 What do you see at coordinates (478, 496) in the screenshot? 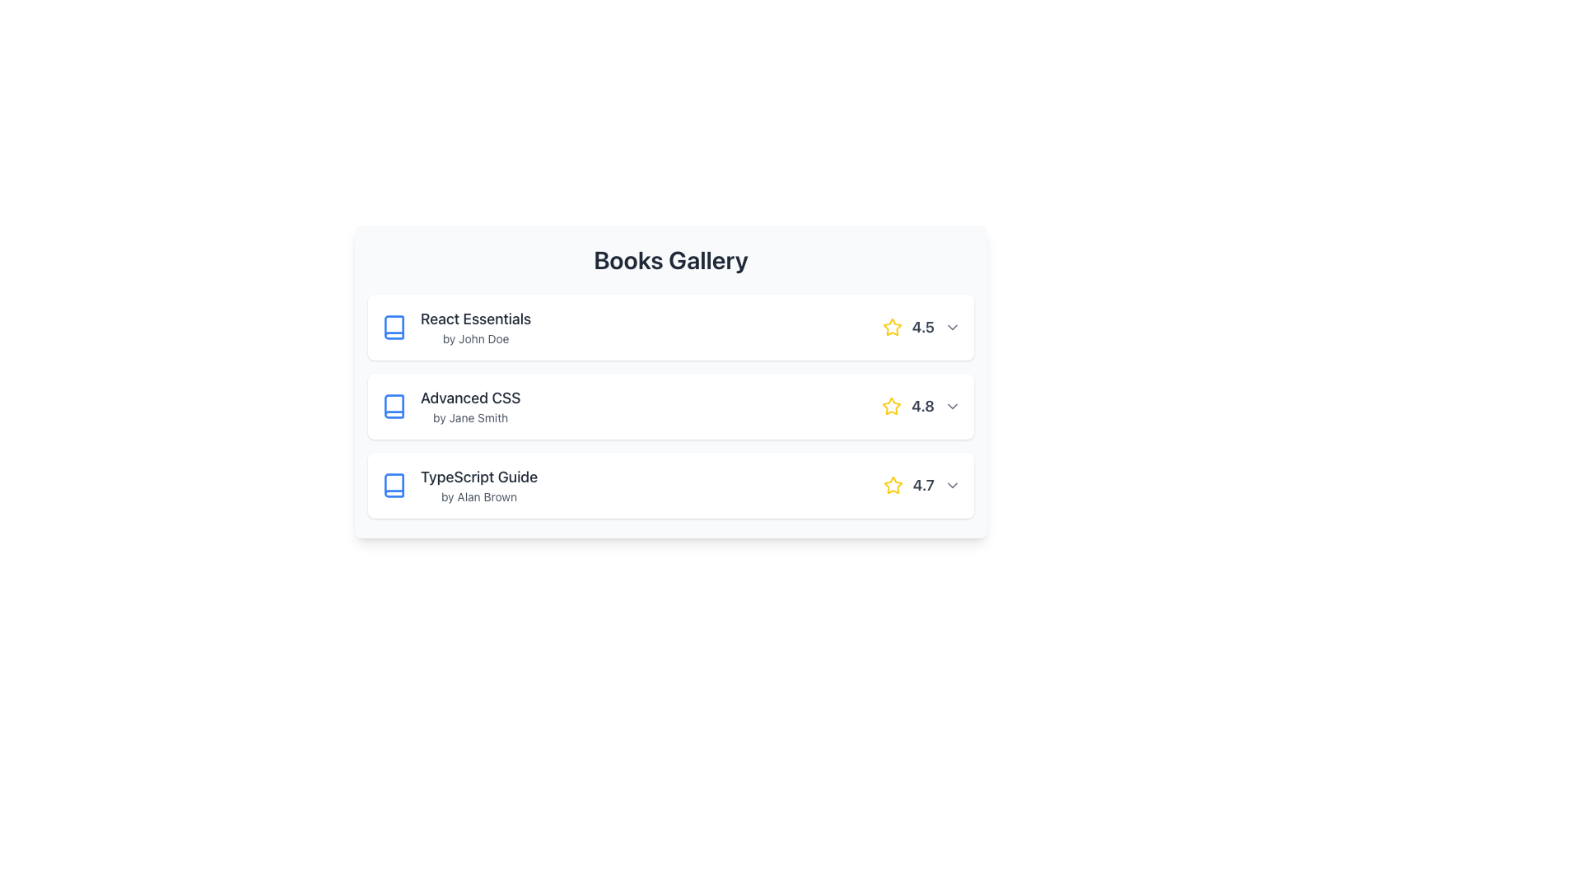
I see `the static label text element that reads 'by Alan Brown', which is located beneath the title 'TypeScript Guide' in the third card of a vertically stacked list` at bounding box center [478, 496].